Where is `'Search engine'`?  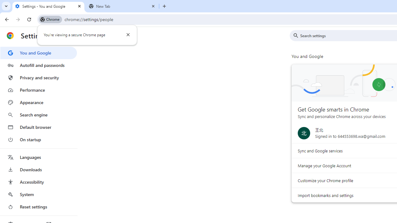 'Search engine' is located at coordinates (38, 115).